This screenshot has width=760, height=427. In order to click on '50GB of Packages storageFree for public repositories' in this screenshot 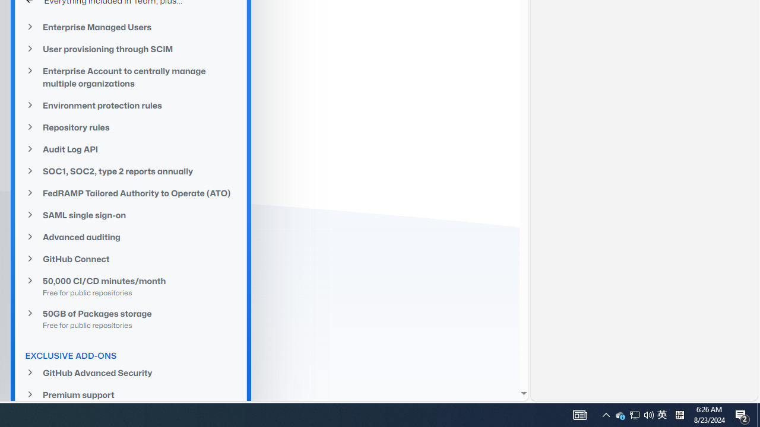, I will do `click(131, 318)`.